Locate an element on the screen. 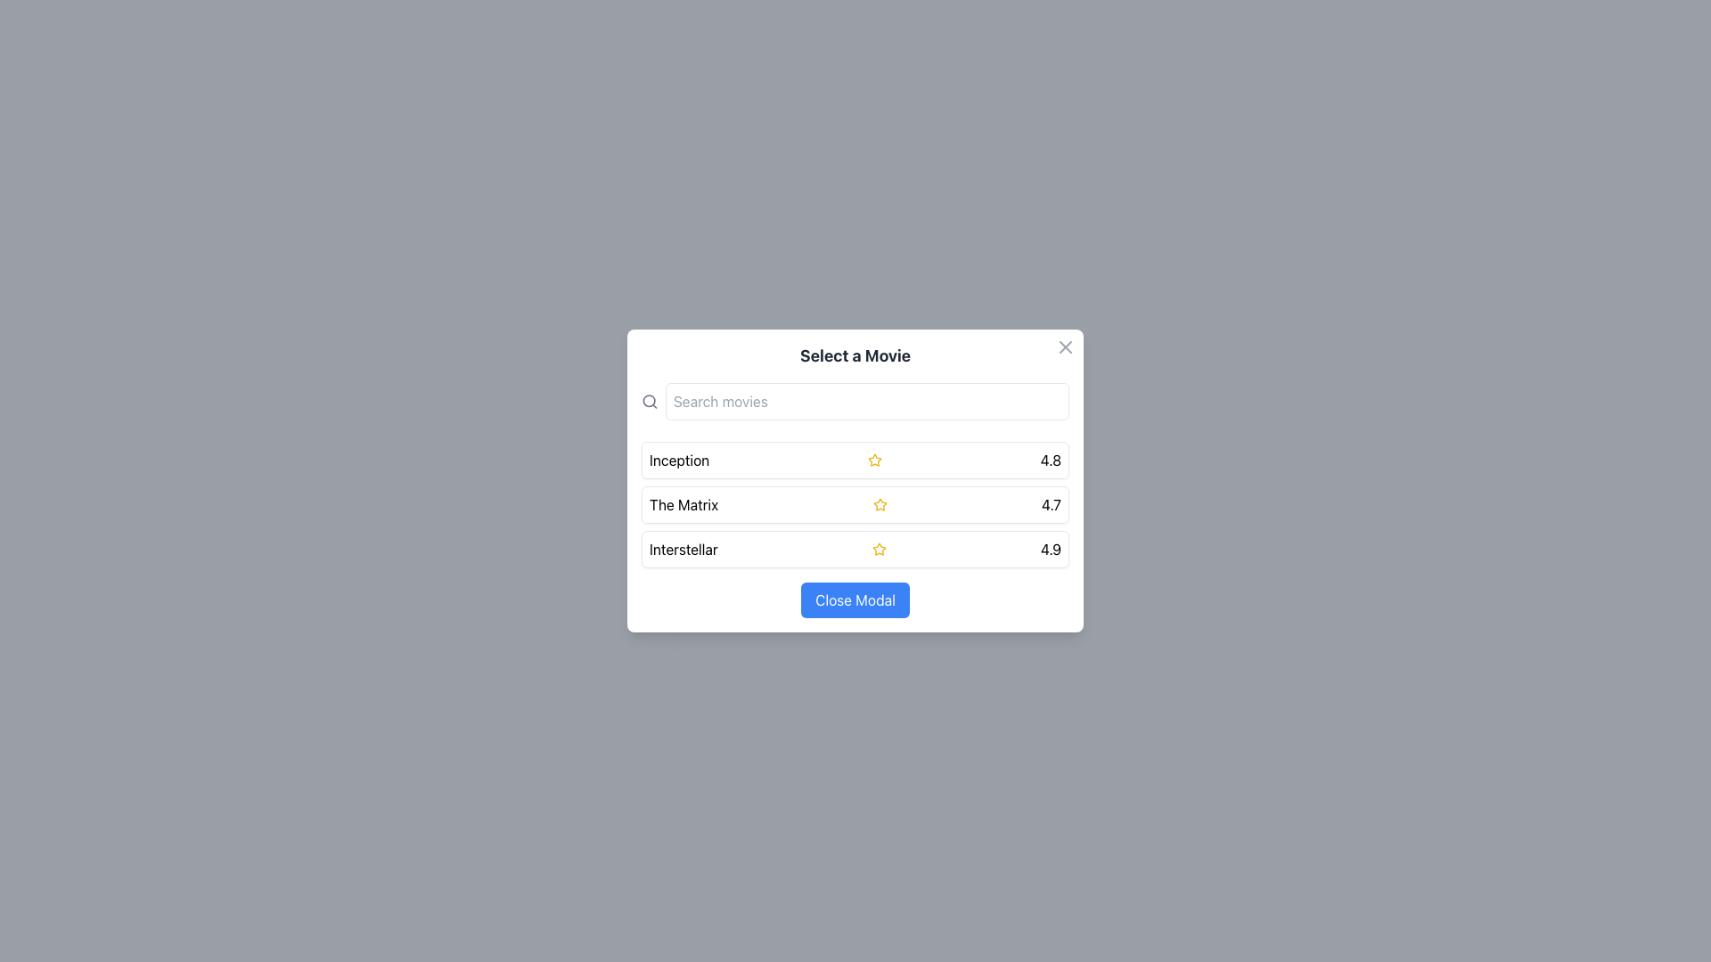 This screenshot has width=1711, height=962. the star icon representing the high rating for the 'Interstellar' movie, which is positioned between the text 'Interstellar' and the rating value '4.9' is located at coordinates (879, 549).